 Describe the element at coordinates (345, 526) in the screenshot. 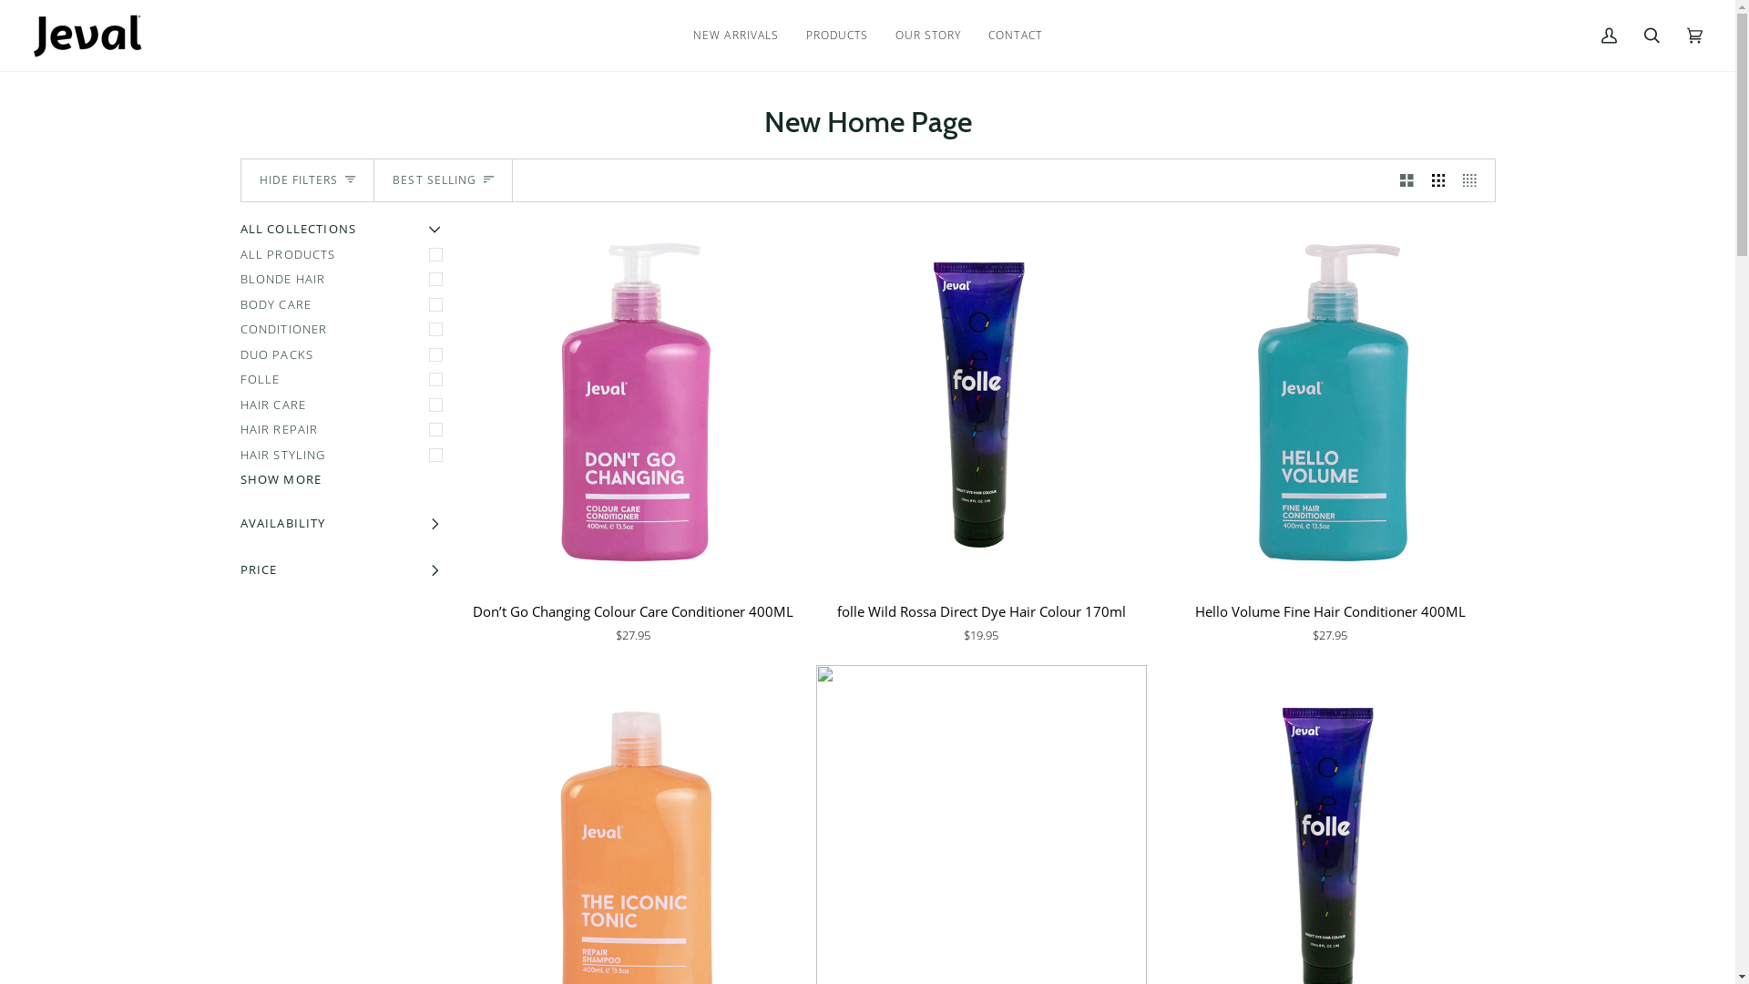

I see `'AVAILABILITY` at that location.